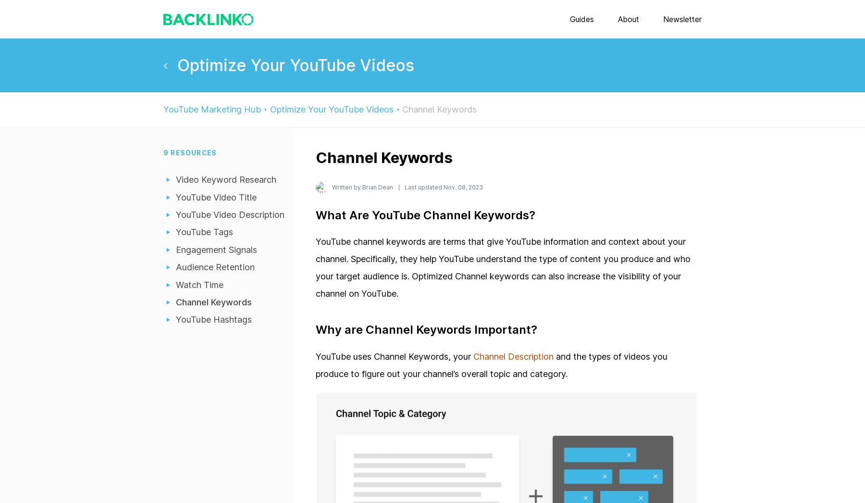 This screenshot has height=503, width=865. I want to click on 'Techniques to rank #1 in Google', so click(568, 241).